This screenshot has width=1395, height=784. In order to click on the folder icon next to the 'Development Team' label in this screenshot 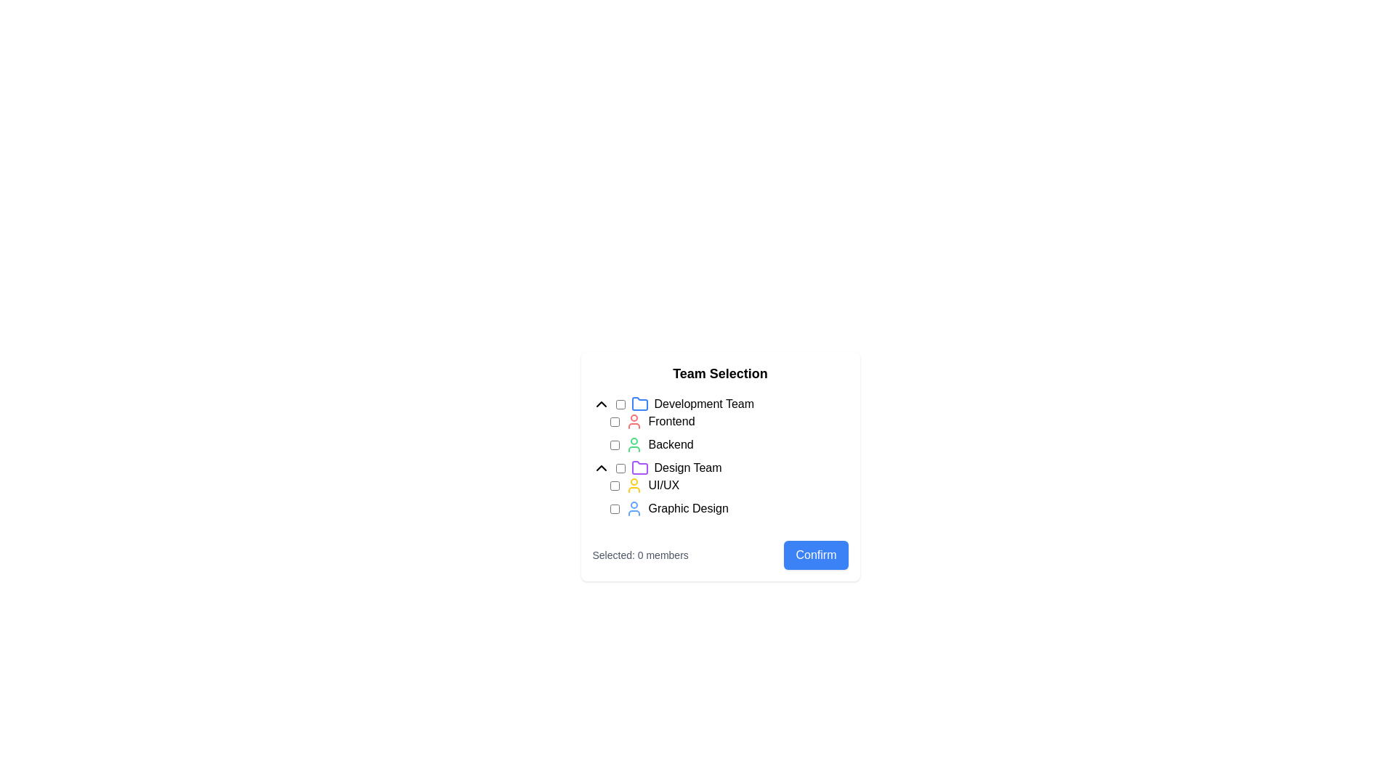, I will do `click(720, 404)`.